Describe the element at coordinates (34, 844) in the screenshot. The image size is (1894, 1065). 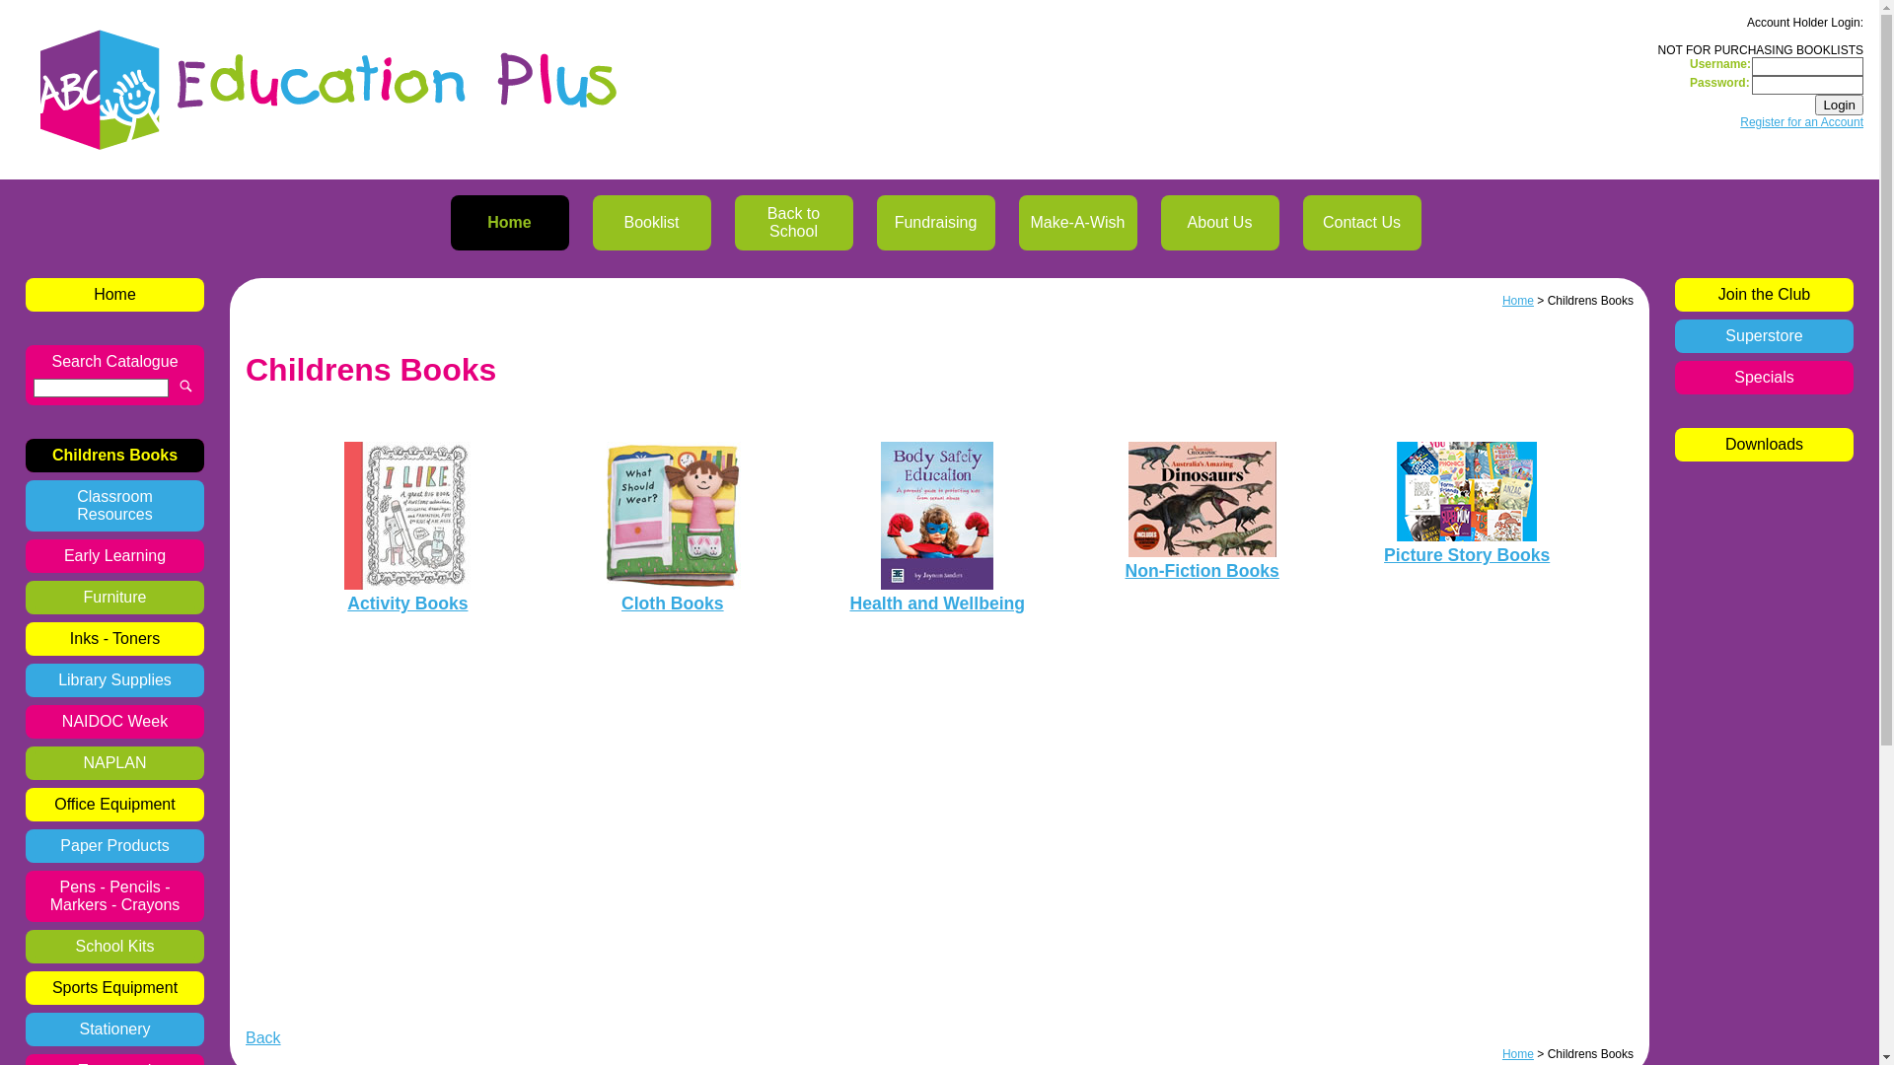
I see `'Paper Products'` at that location.